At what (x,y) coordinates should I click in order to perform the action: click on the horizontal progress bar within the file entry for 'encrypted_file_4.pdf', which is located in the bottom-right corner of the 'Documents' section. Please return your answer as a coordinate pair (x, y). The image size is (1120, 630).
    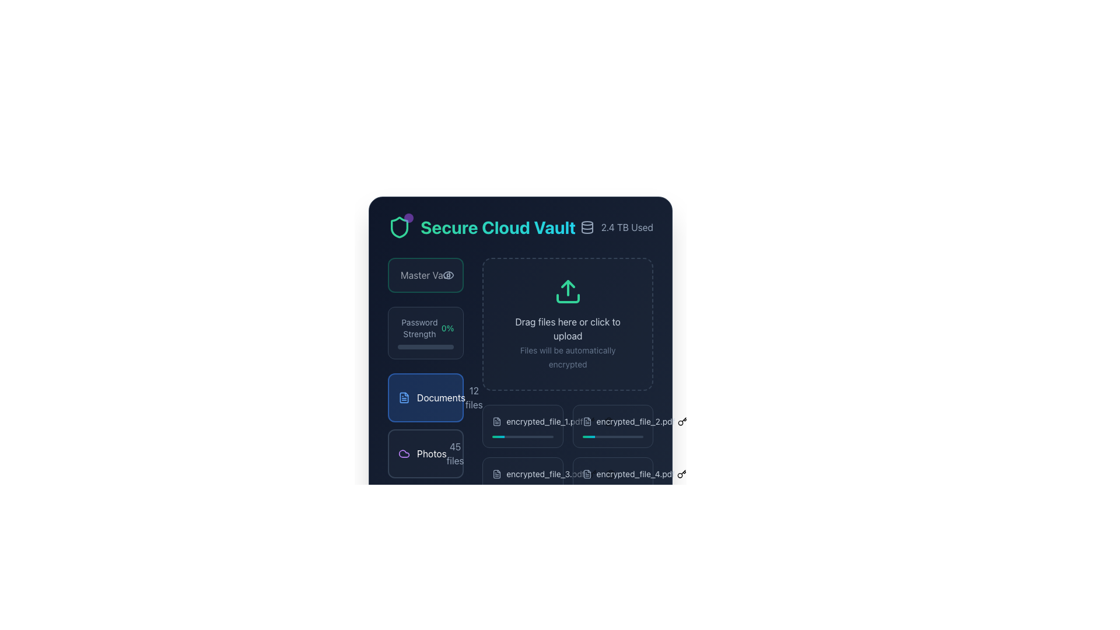
    Looking at the image, I should click on (612, 489).